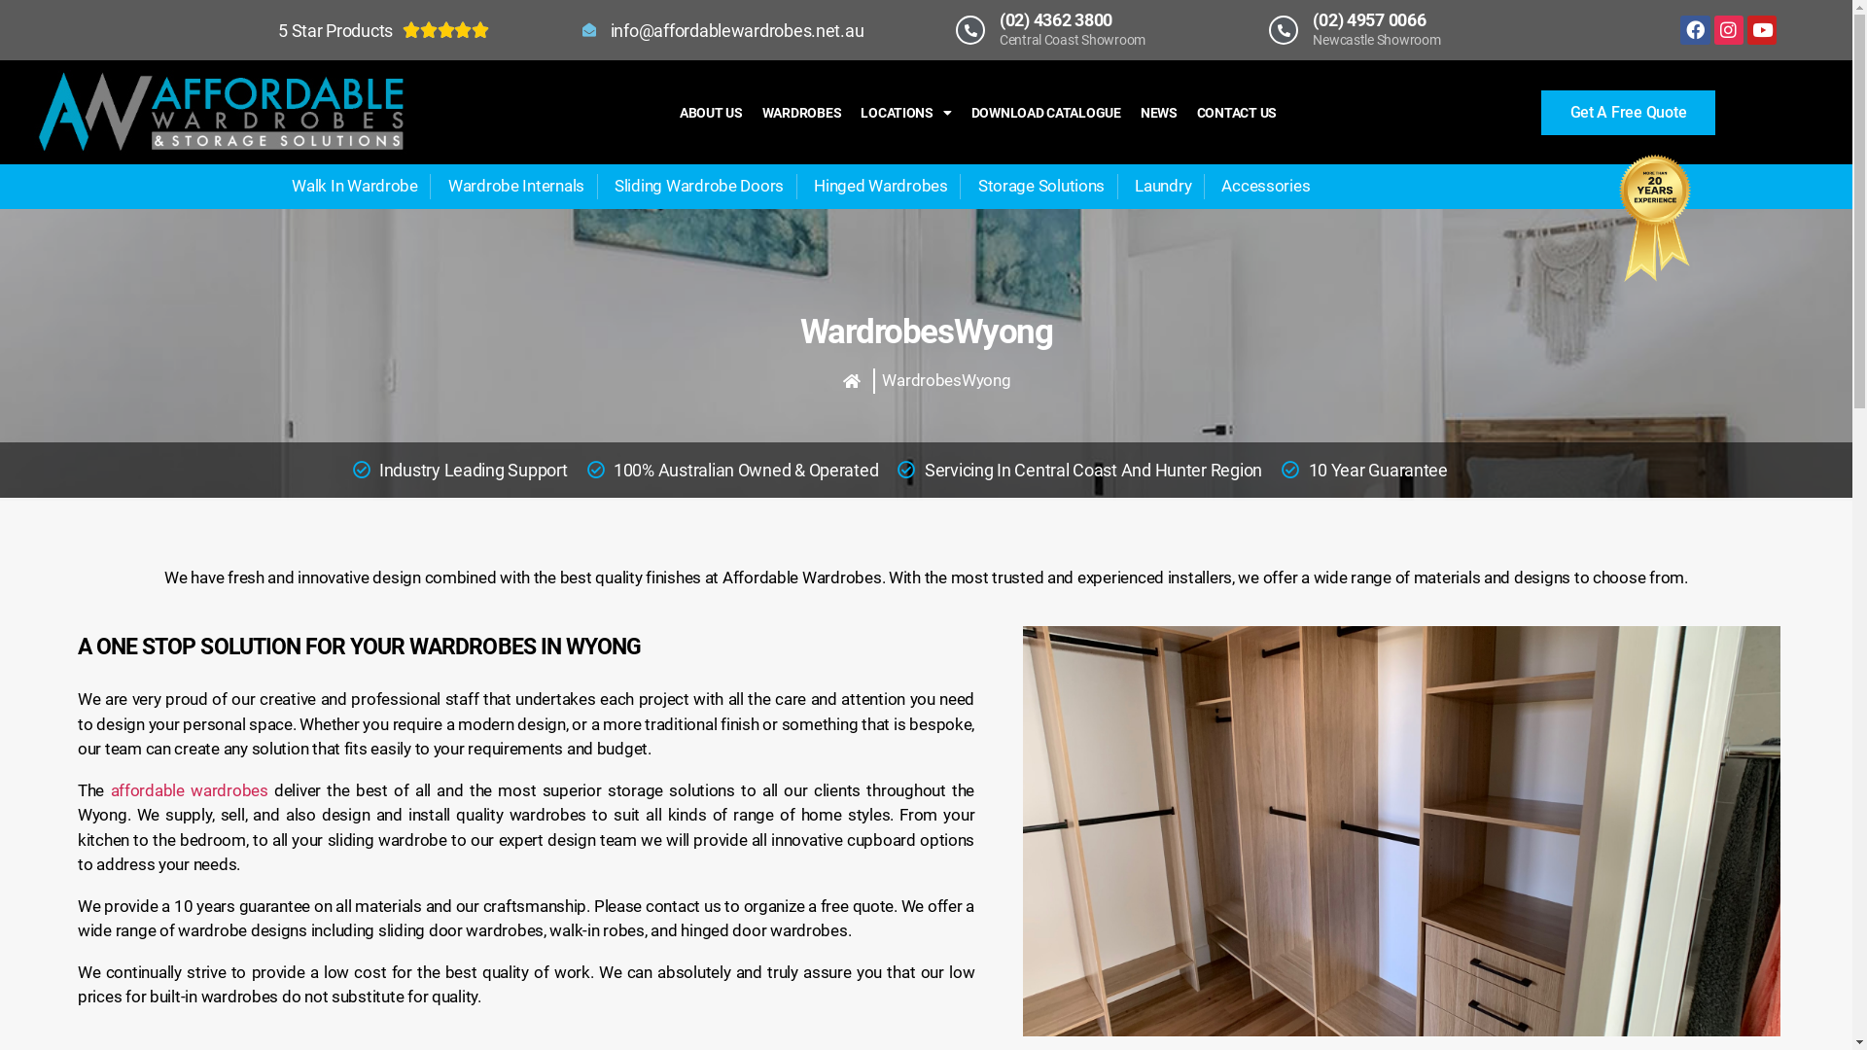 This screenshot has height=1050, width=1867. I want to click on 'LOCATIONS', so click(904, 112).